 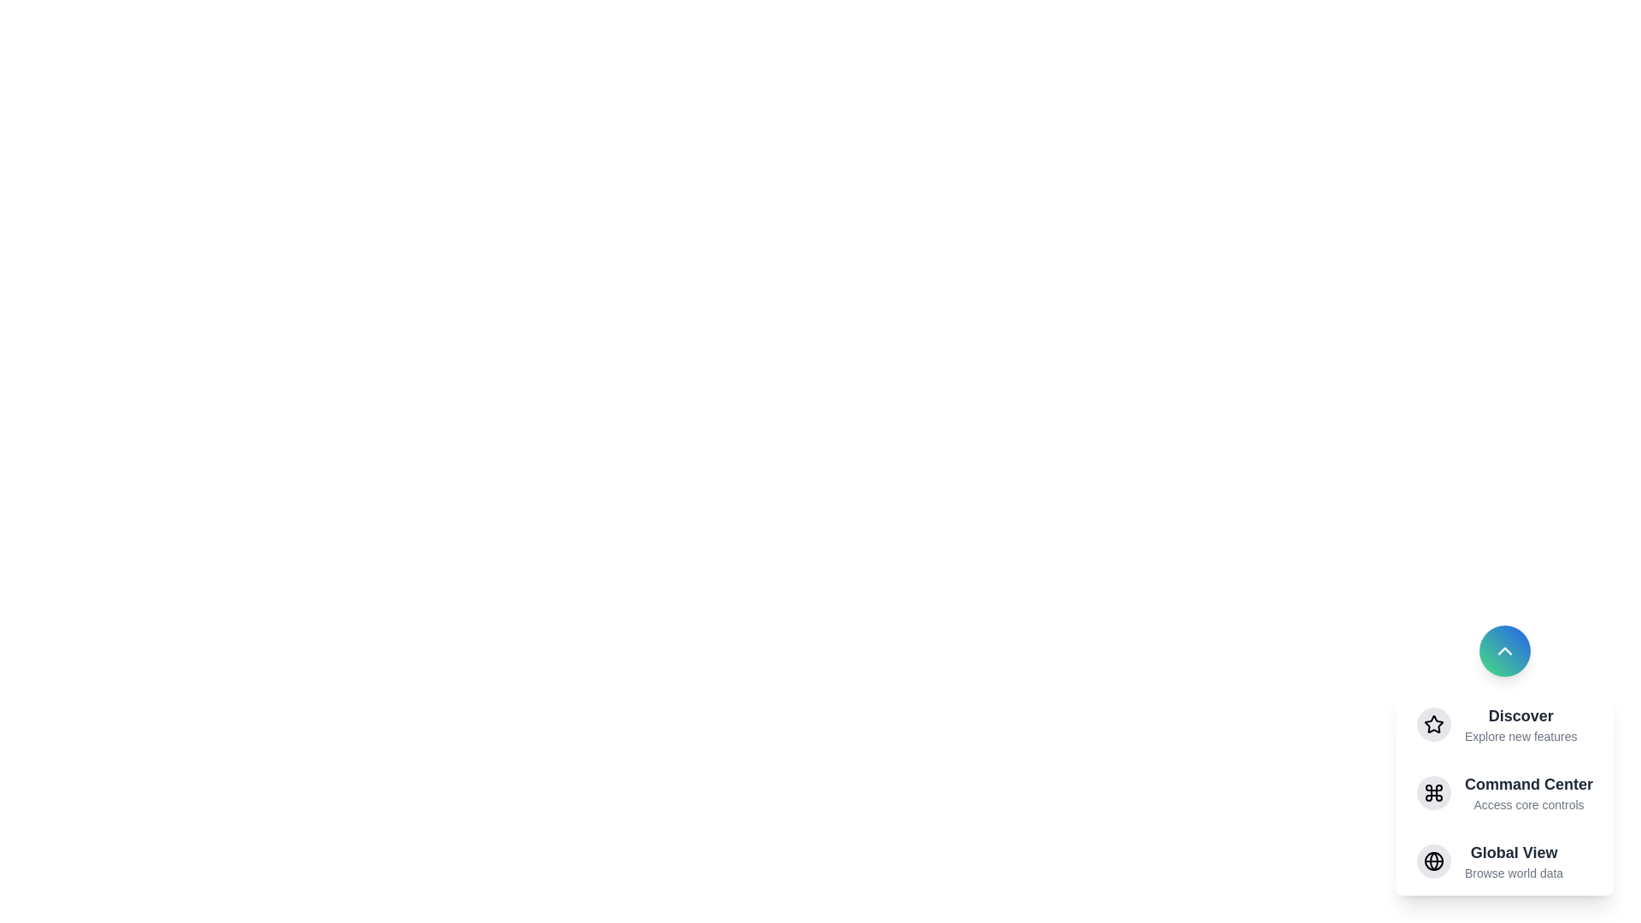 I want to click on the main button of the ExplorerSpeedDial to toggle the menu, so click(x=1505, y=651).